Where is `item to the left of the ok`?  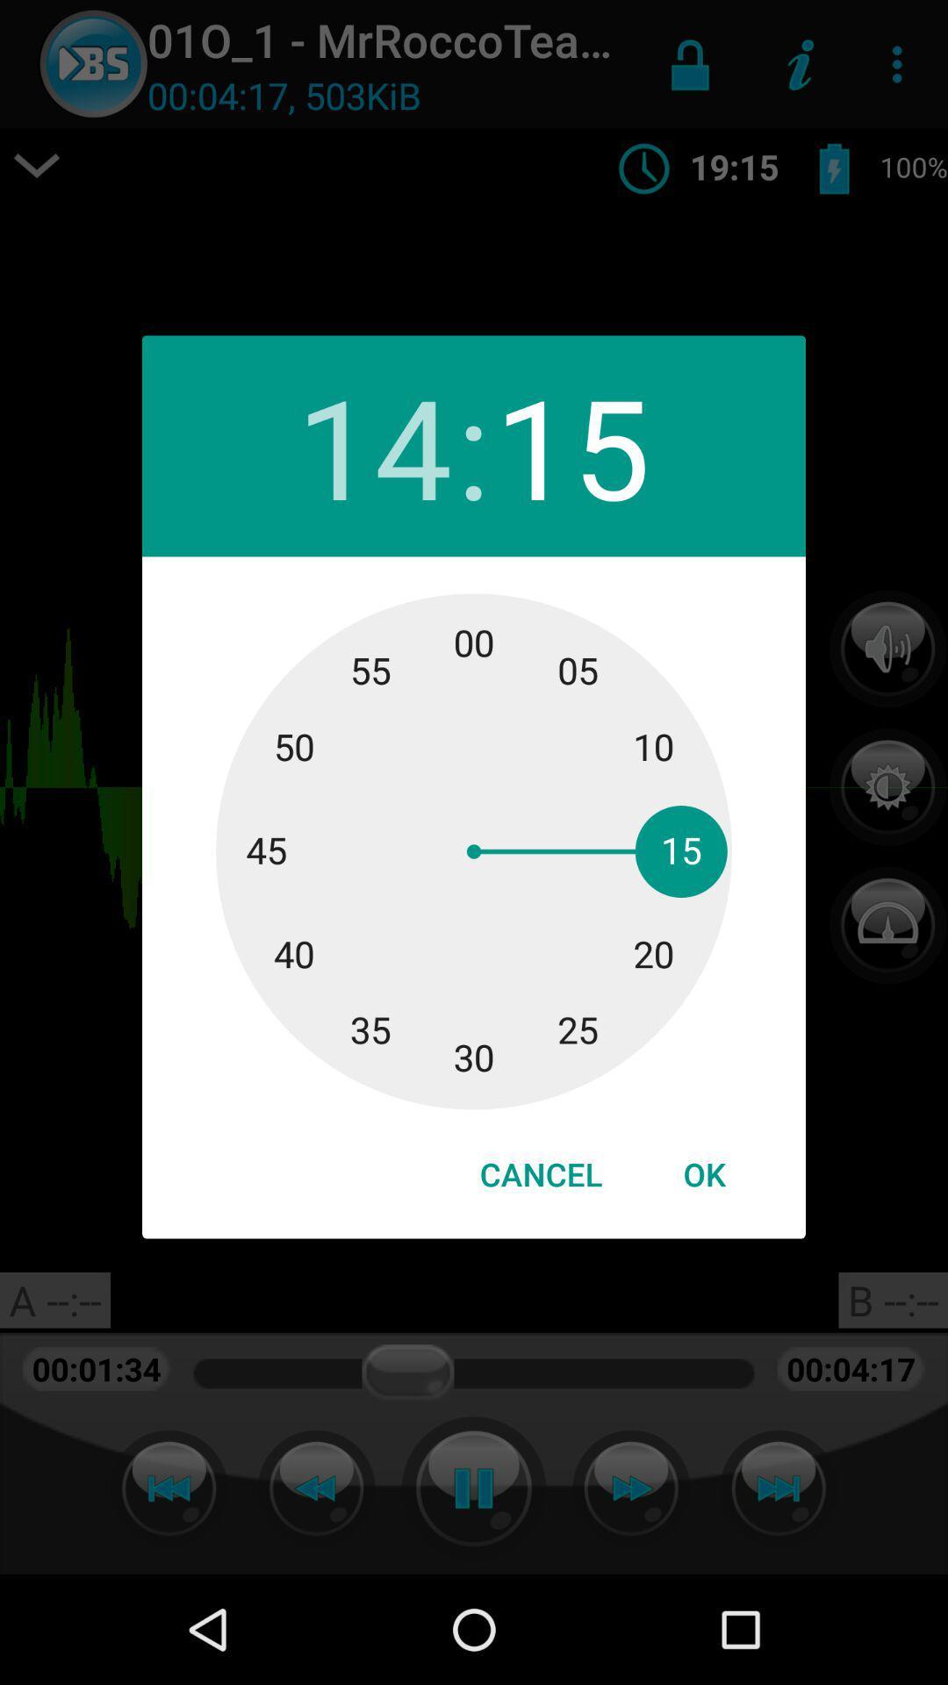
item to the left of the ok is located at coordinates (540, 1174).